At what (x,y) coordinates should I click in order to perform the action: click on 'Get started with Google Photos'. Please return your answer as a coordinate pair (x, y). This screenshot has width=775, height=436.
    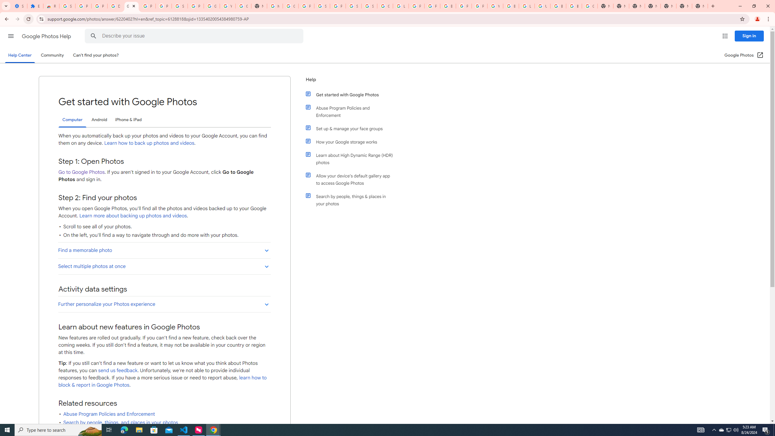
    Looking at the image, I should click on (352, 95).